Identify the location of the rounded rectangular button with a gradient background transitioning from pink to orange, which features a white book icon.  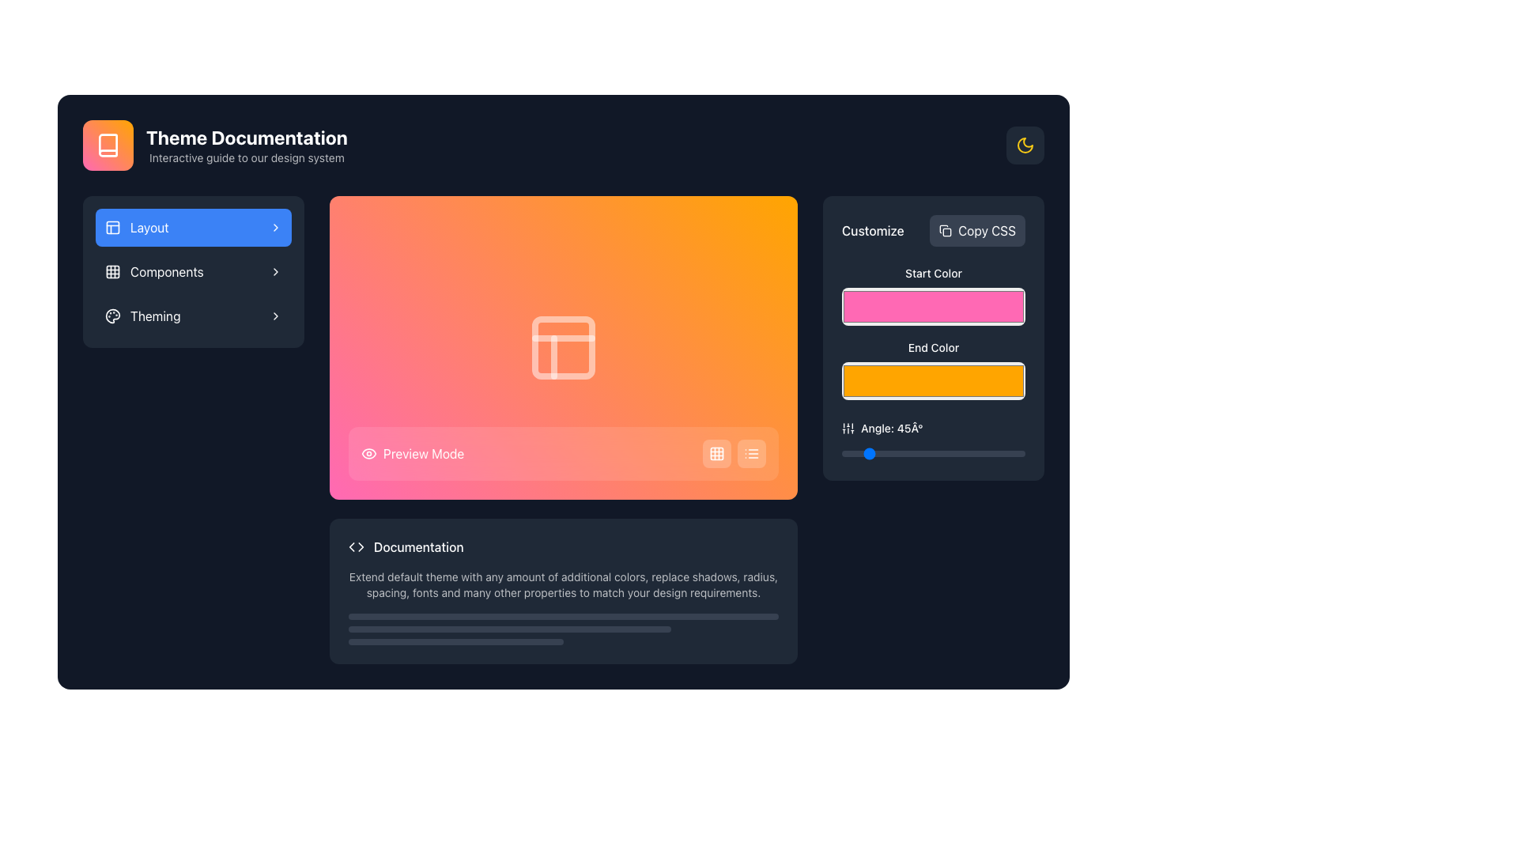
(108, 145).